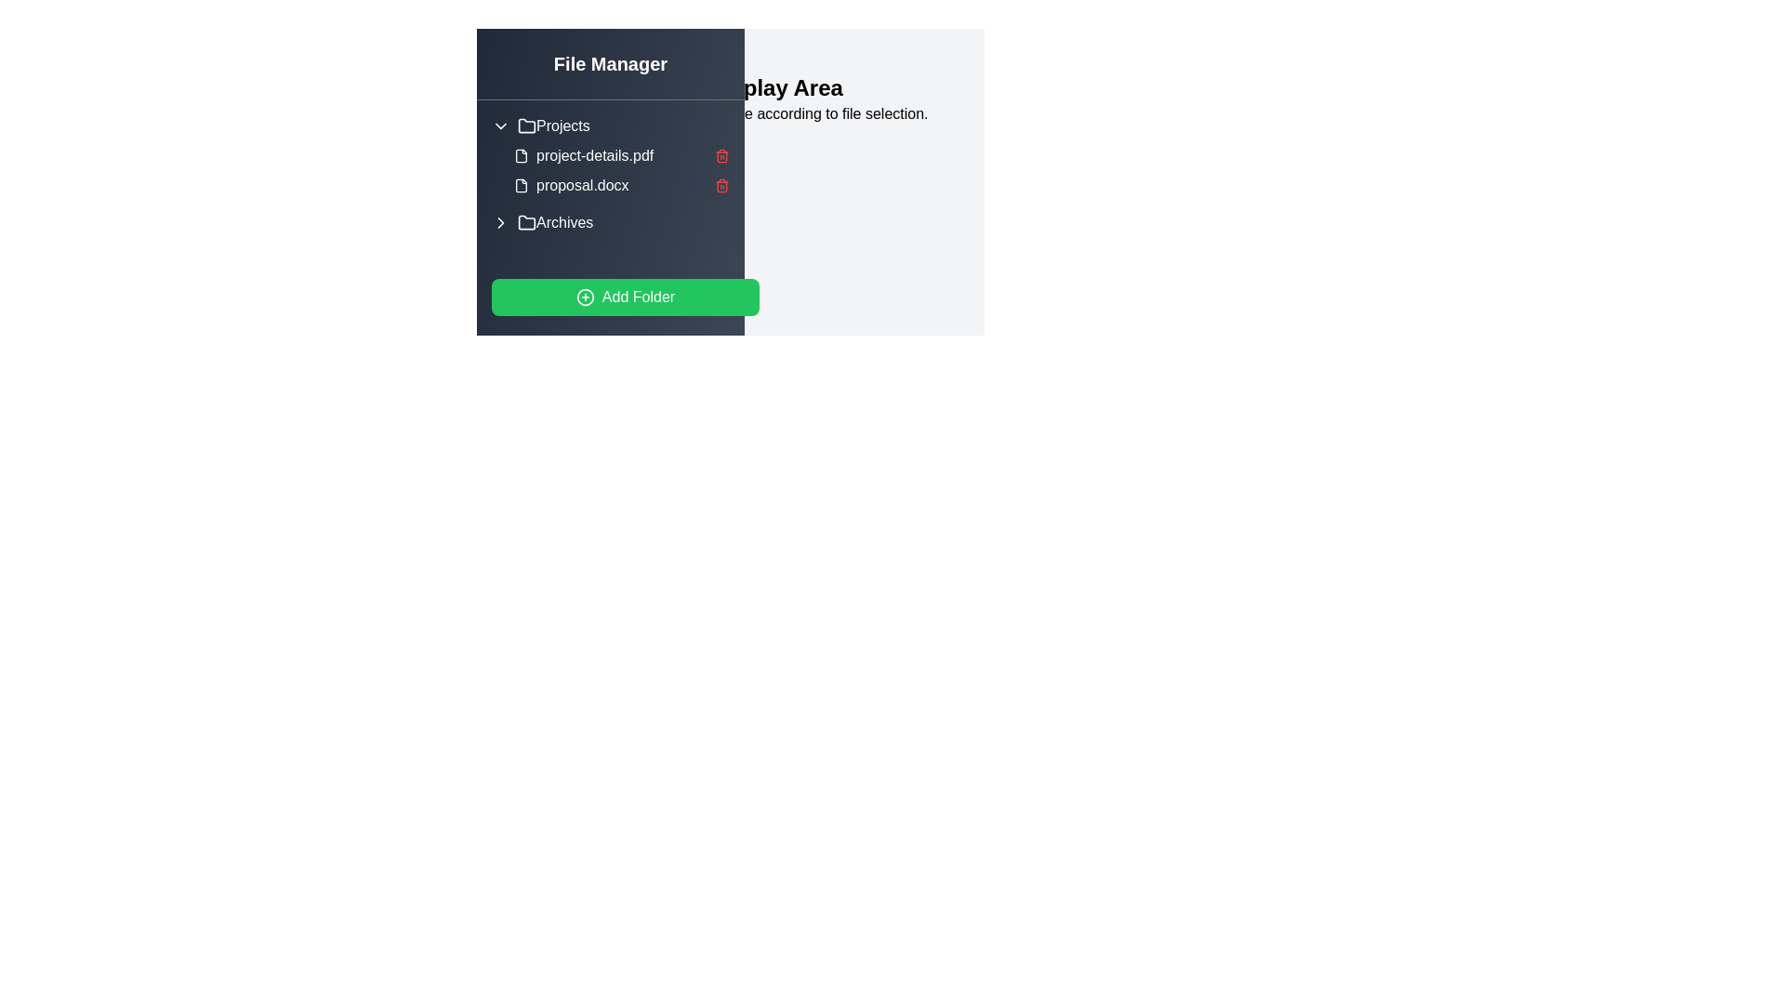 The image size is (1785, 1004). I want to click on the folder-shaped icon representing a directory in the 'Archives' section of the file manager interface to interact with it, so click(525, 221).